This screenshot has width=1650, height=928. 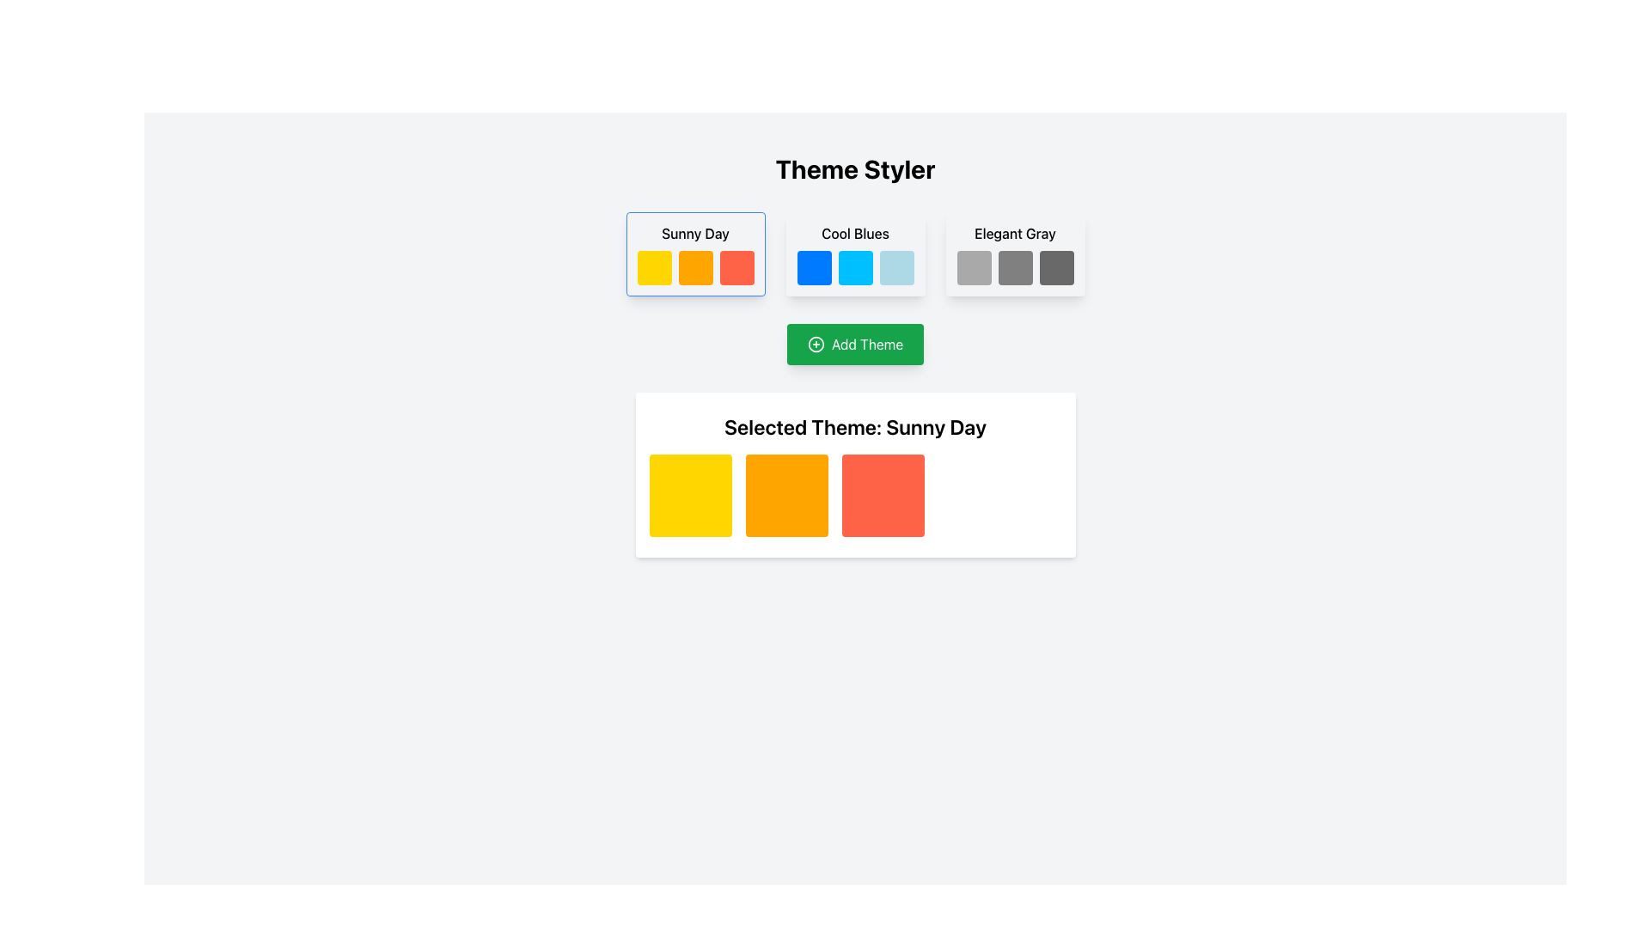 What do you see at coordinates (653, 268) in the screenshot?
I see `the first yellow color box with rounded corners in the 'Sunny Day' theme selector of the 'Theme Styler' interface` at bounding box center [653, 268].